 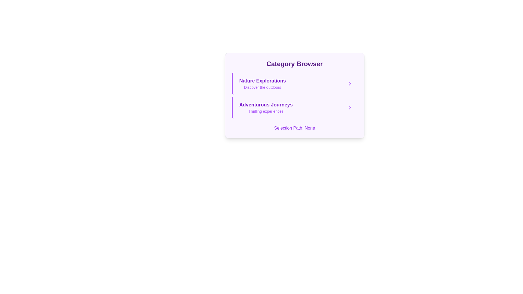 What do you see at coordinates (263, 81) in the screenshot?
I see `the 'Nature Explorations' text label, which is styled in bold purple font and is located in the first list item under the 'Category Browser' section` at bounding box center [263, 81].